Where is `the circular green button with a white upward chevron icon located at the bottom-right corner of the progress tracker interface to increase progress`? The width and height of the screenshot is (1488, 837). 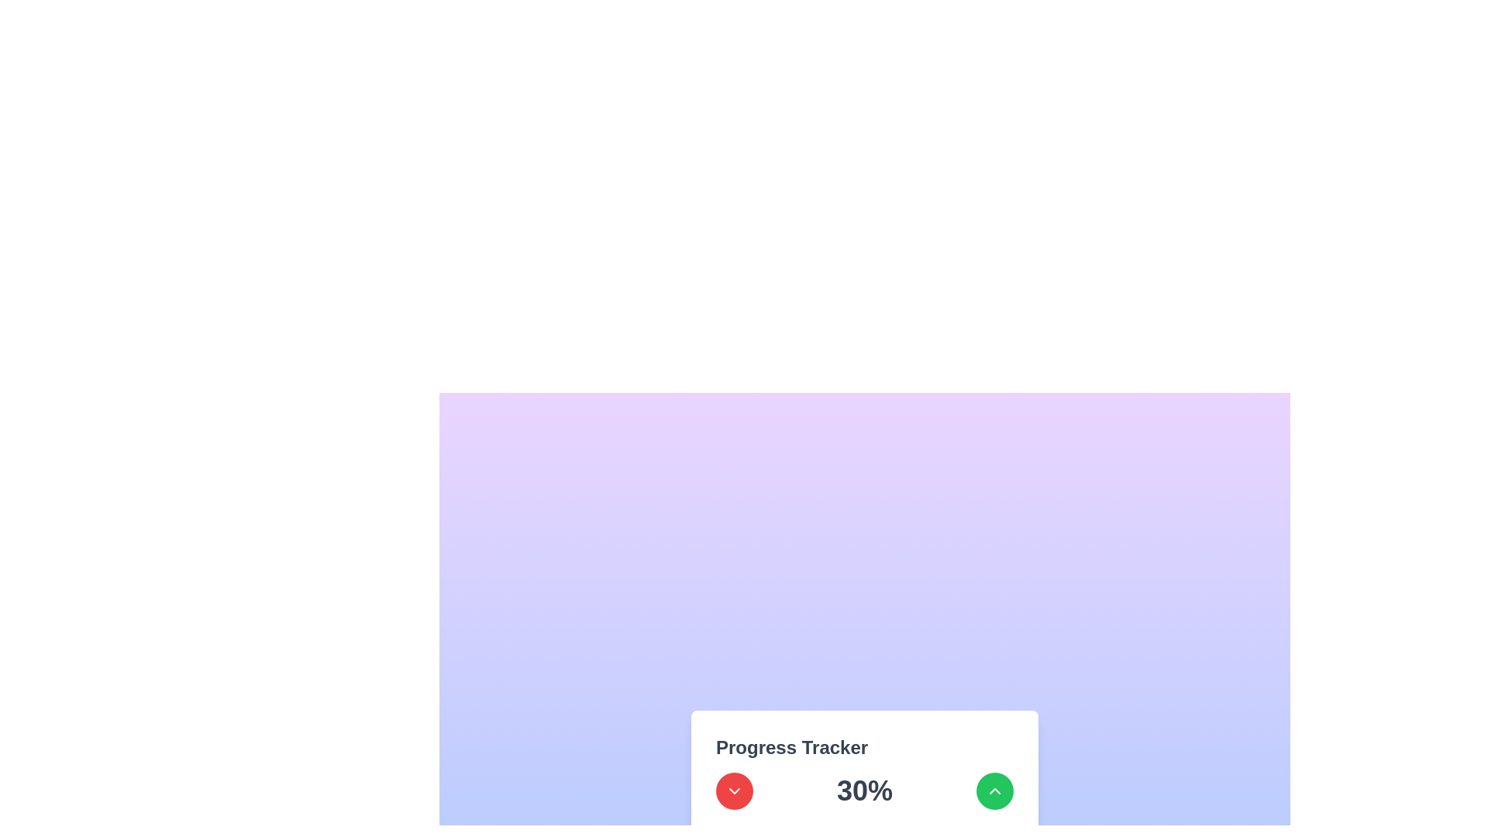 the circular green button with a white upward chevron icon located at the bottom-right corner of the progress tracker interface to increase progress is located at coordinates (994, 791).